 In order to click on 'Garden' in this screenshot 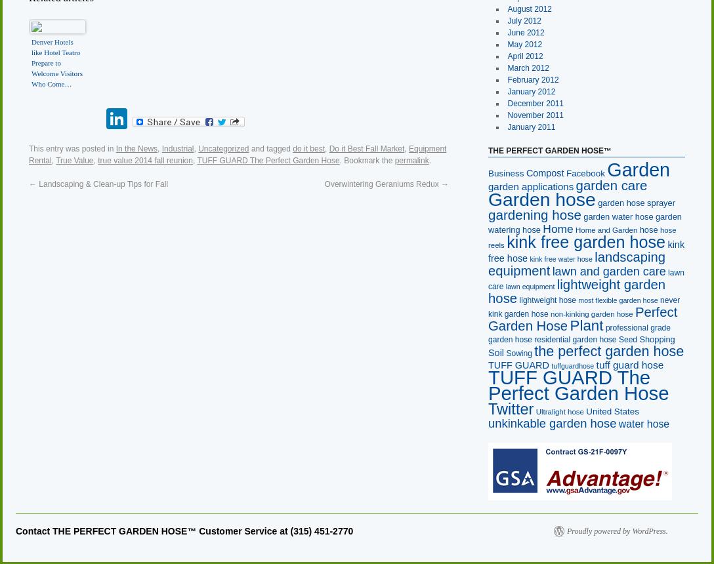, I will do `click(637, 169)`.